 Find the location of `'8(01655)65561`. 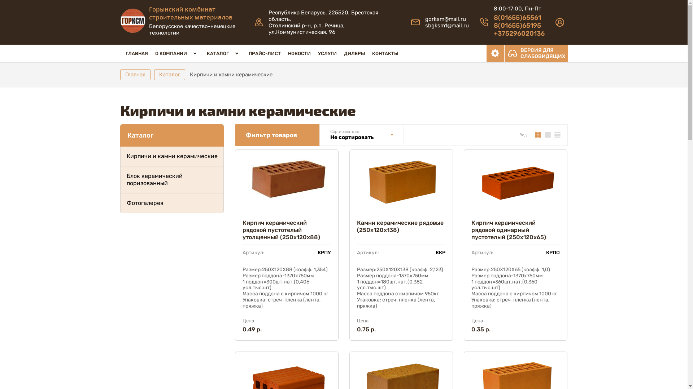

'8(01655)65561 is located at coordinates (519, 25).